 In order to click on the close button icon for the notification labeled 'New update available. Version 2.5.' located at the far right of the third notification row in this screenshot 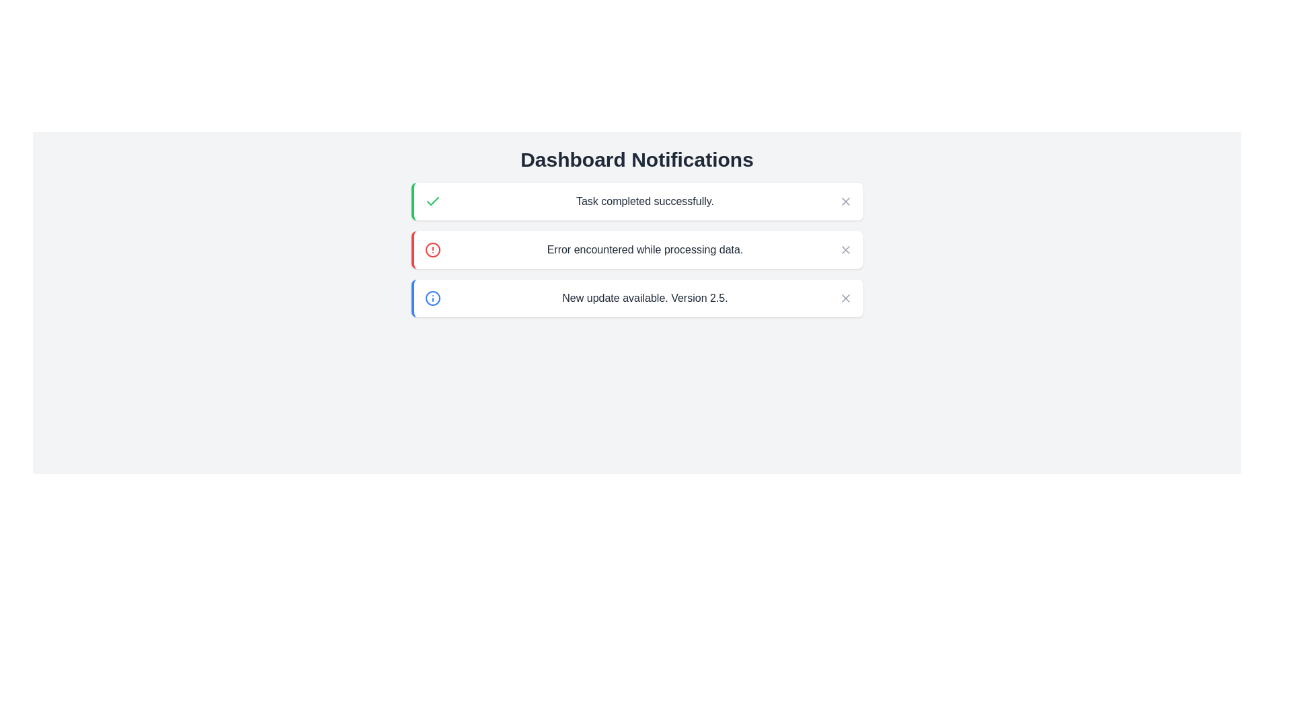, I will do `click(845, 297)`.